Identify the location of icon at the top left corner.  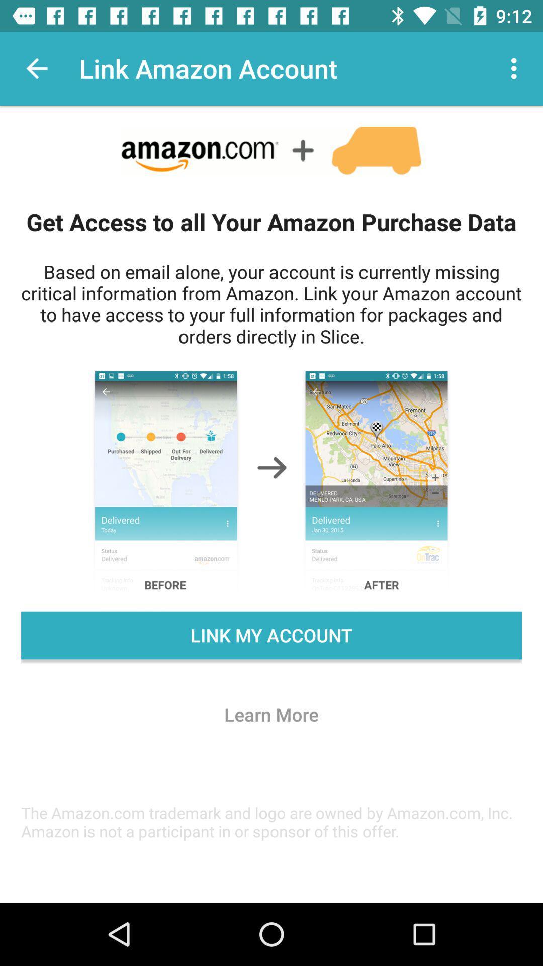
(36, 68).